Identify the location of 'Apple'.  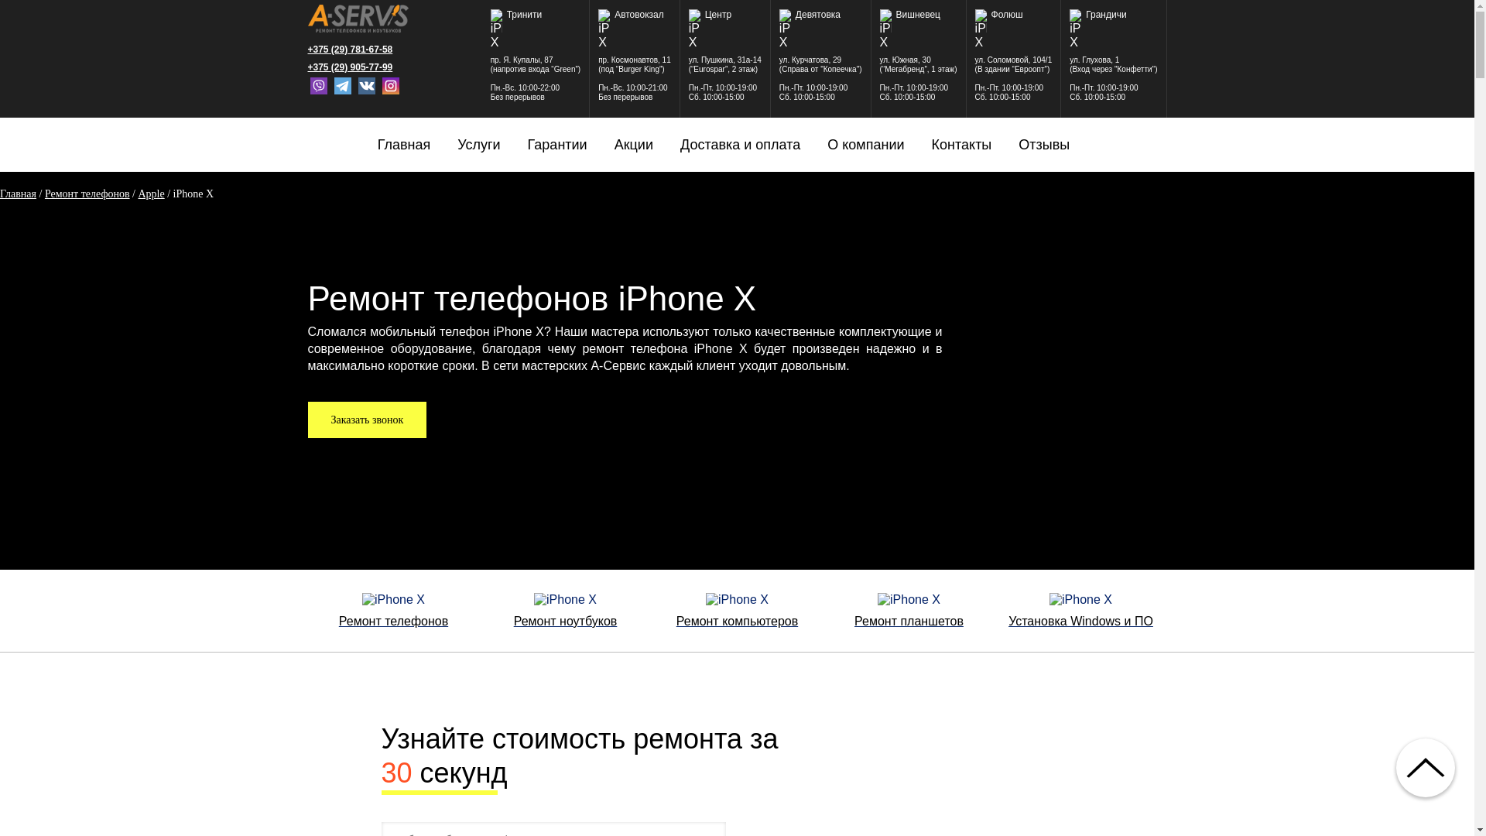
(151, 193).